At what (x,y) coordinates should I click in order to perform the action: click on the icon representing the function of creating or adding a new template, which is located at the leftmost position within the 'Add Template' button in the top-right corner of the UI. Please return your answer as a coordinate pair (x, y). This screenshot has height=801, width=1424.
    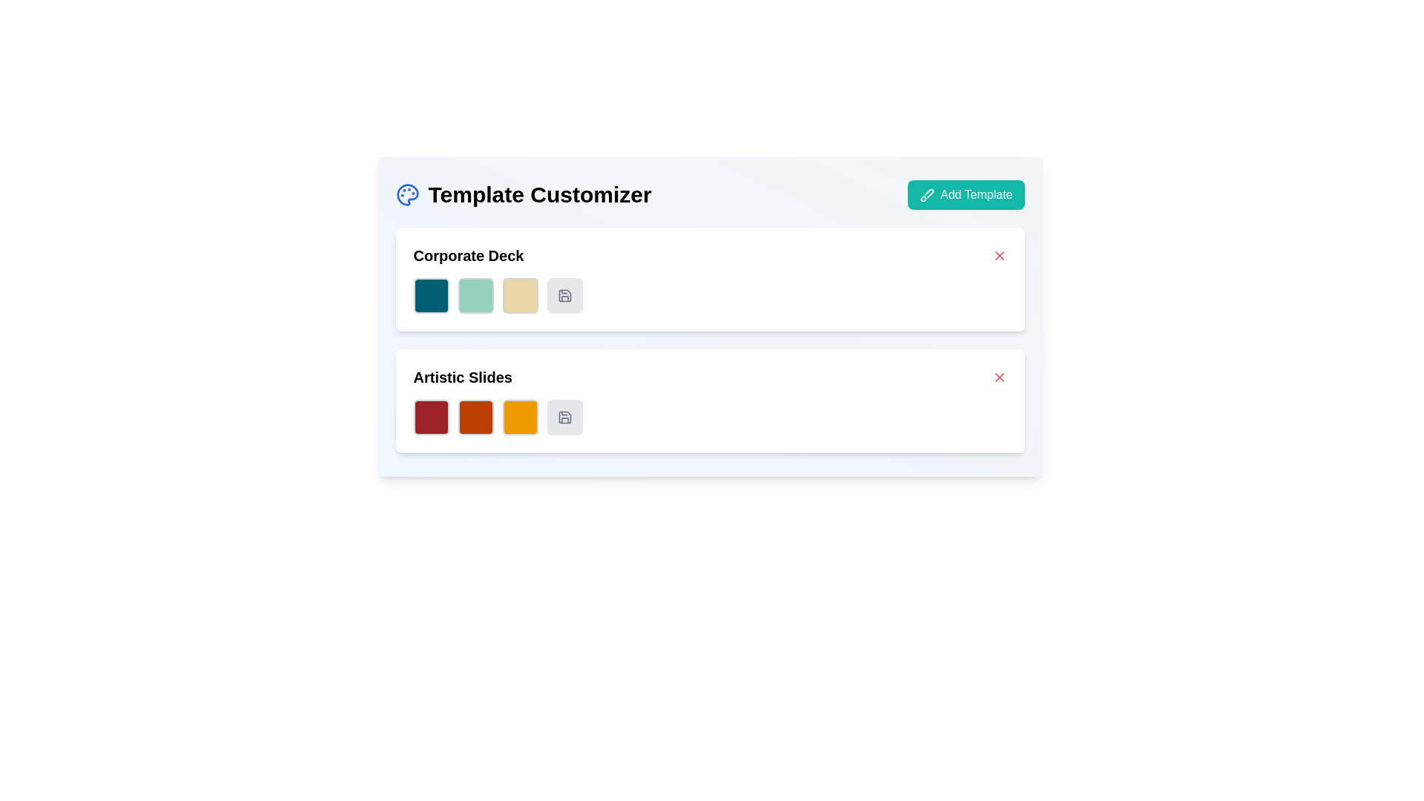
    Looking at the image, I should click on (926, 194).